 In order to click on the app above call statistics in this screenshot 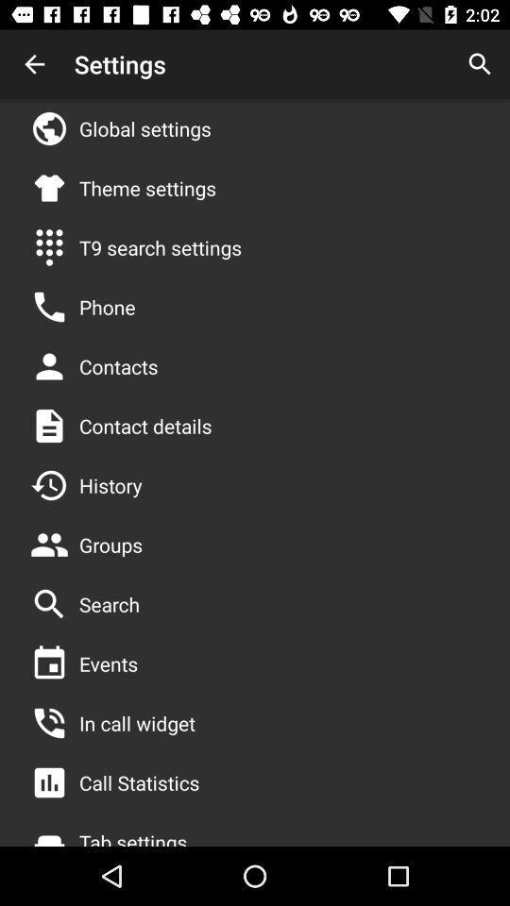, I will do `click(136, 722)`.